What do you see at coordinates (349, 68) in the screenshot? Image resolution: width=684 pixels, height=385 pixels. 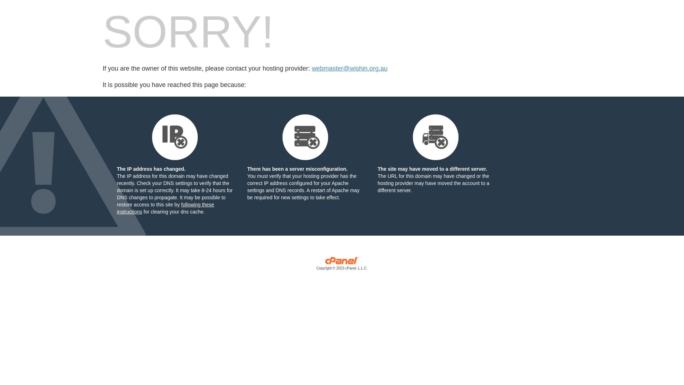 I see `'webmaster@wishin.org.au'` at bounding box center [349, 68].